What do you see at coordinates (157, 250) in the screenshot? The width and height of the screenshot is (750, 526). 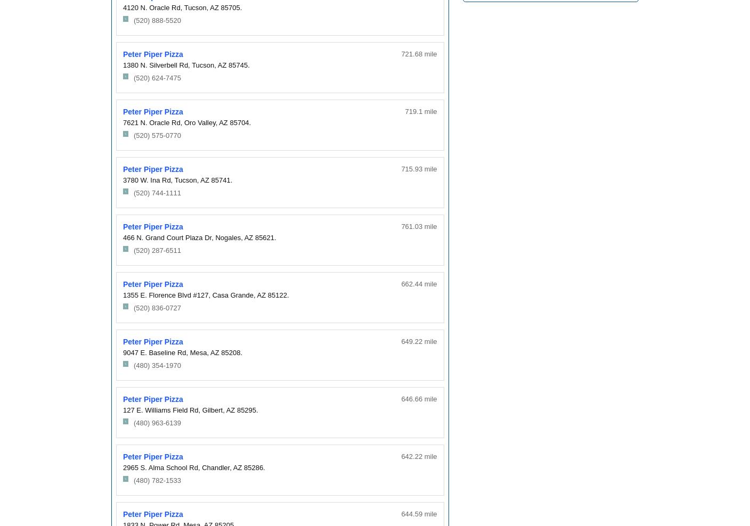 I see `'(520) 287-6511'` at bounding box center [157, 250].